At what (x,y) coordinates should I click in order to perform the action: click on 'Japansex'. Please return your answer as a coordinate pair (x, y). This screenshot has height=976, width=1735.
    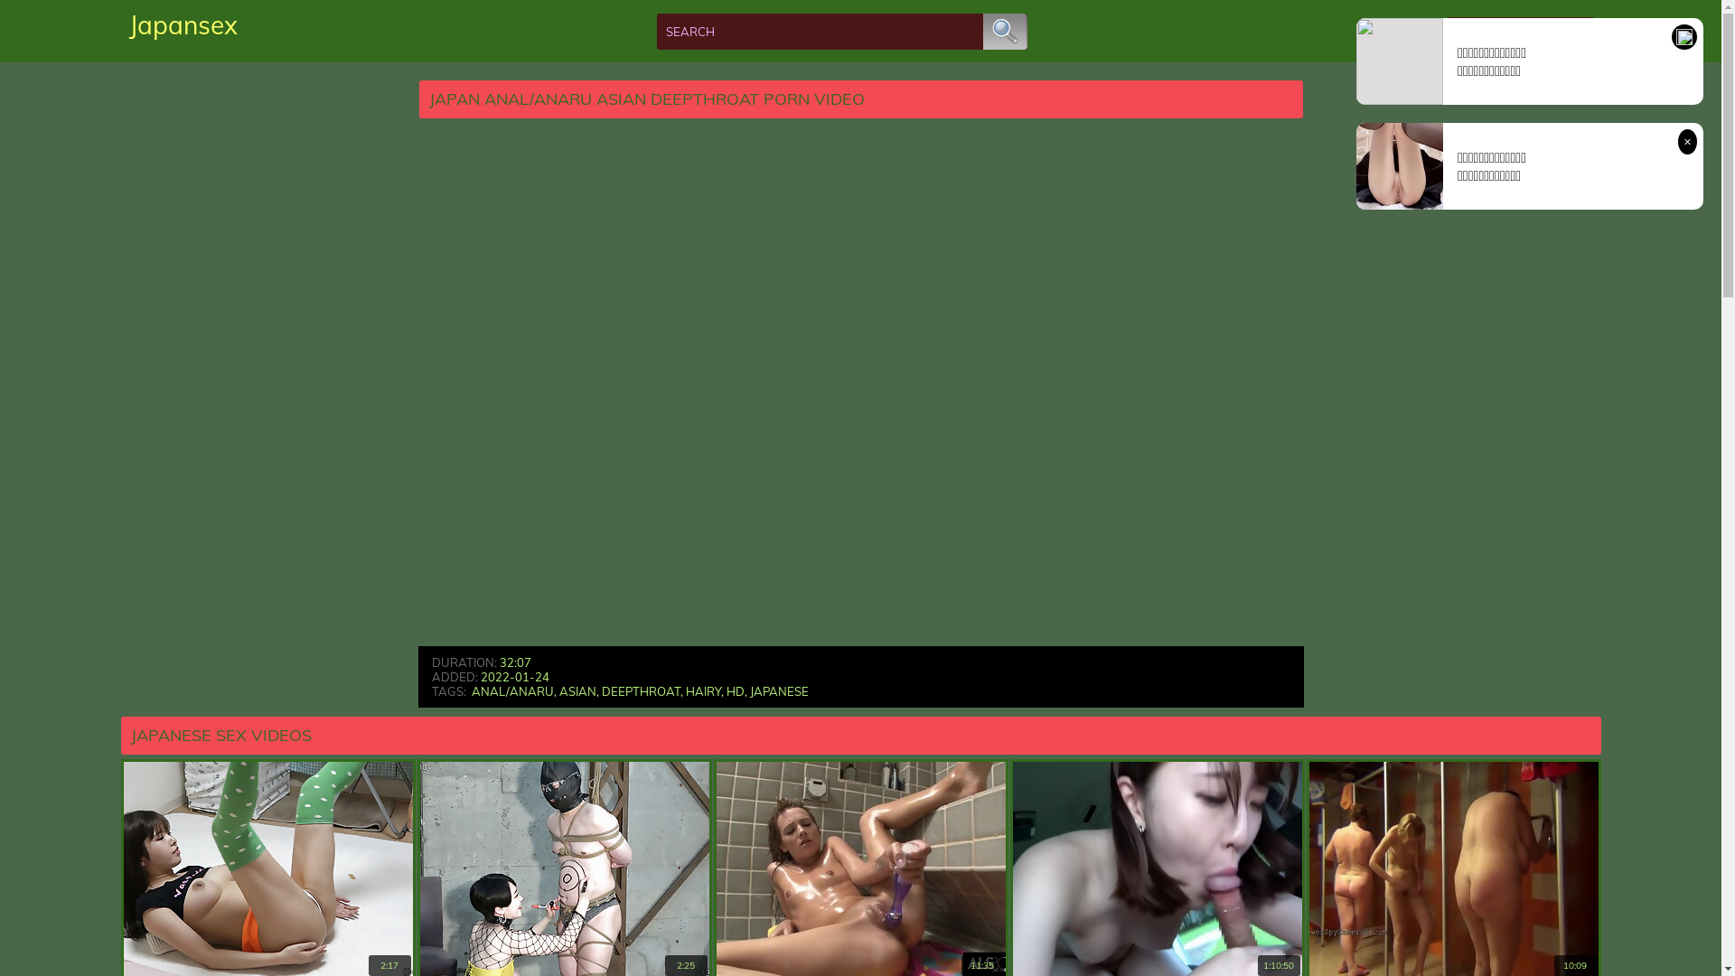
    Looking at the image, I should click on (127, 24).